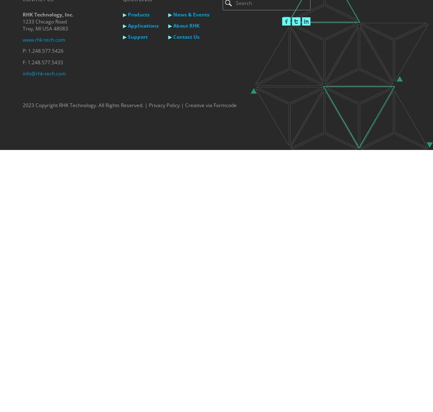 This screenshot has height=412, width=433. What do you see at coordinates (182, 105) in the screenshot?
I see `'|'` at bounding box center [182, 105].